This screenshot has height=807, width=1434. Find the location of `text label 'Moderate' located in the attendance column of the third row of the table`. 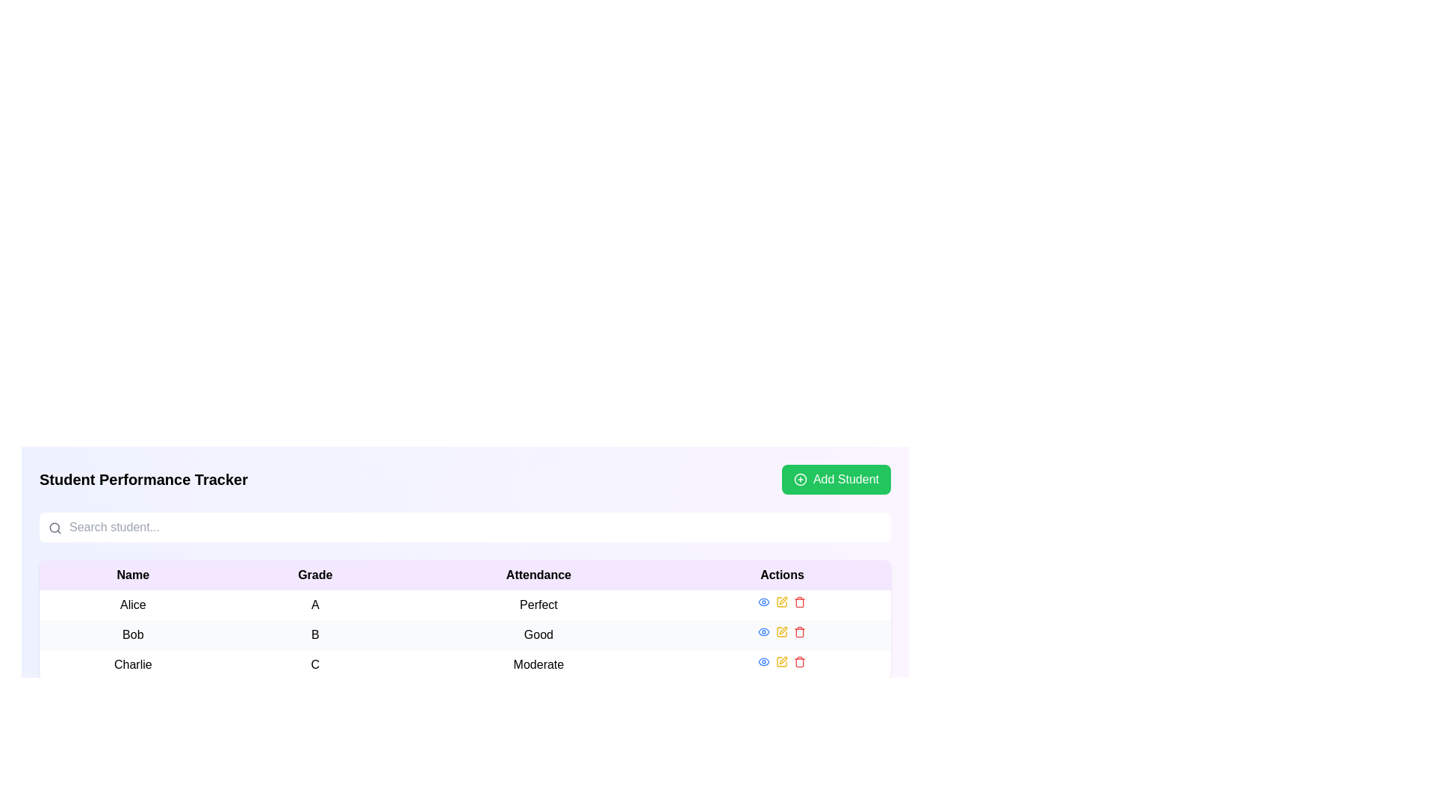

text label 'Moderate' located in the attendance column of the third row of the table is located at coordinates (538, 664).